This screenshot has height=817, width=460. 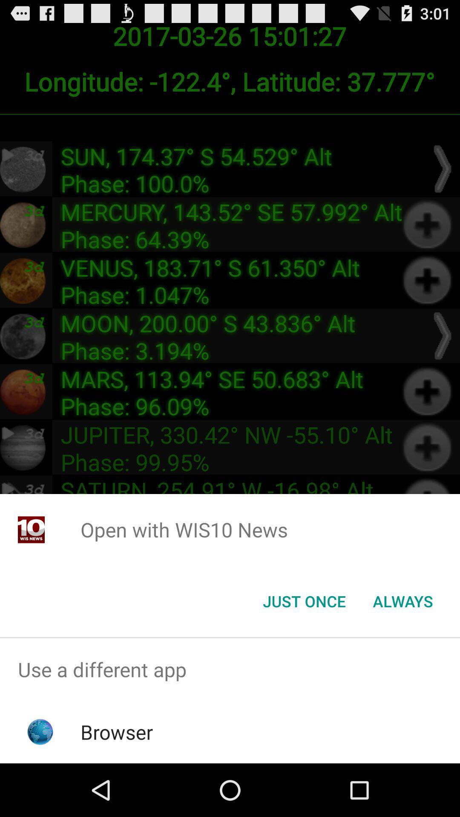 What do you see at coordinates (304, 600) in the screenshot?
I see `icon below open with wis10 app` at bounding box center [304, 600].